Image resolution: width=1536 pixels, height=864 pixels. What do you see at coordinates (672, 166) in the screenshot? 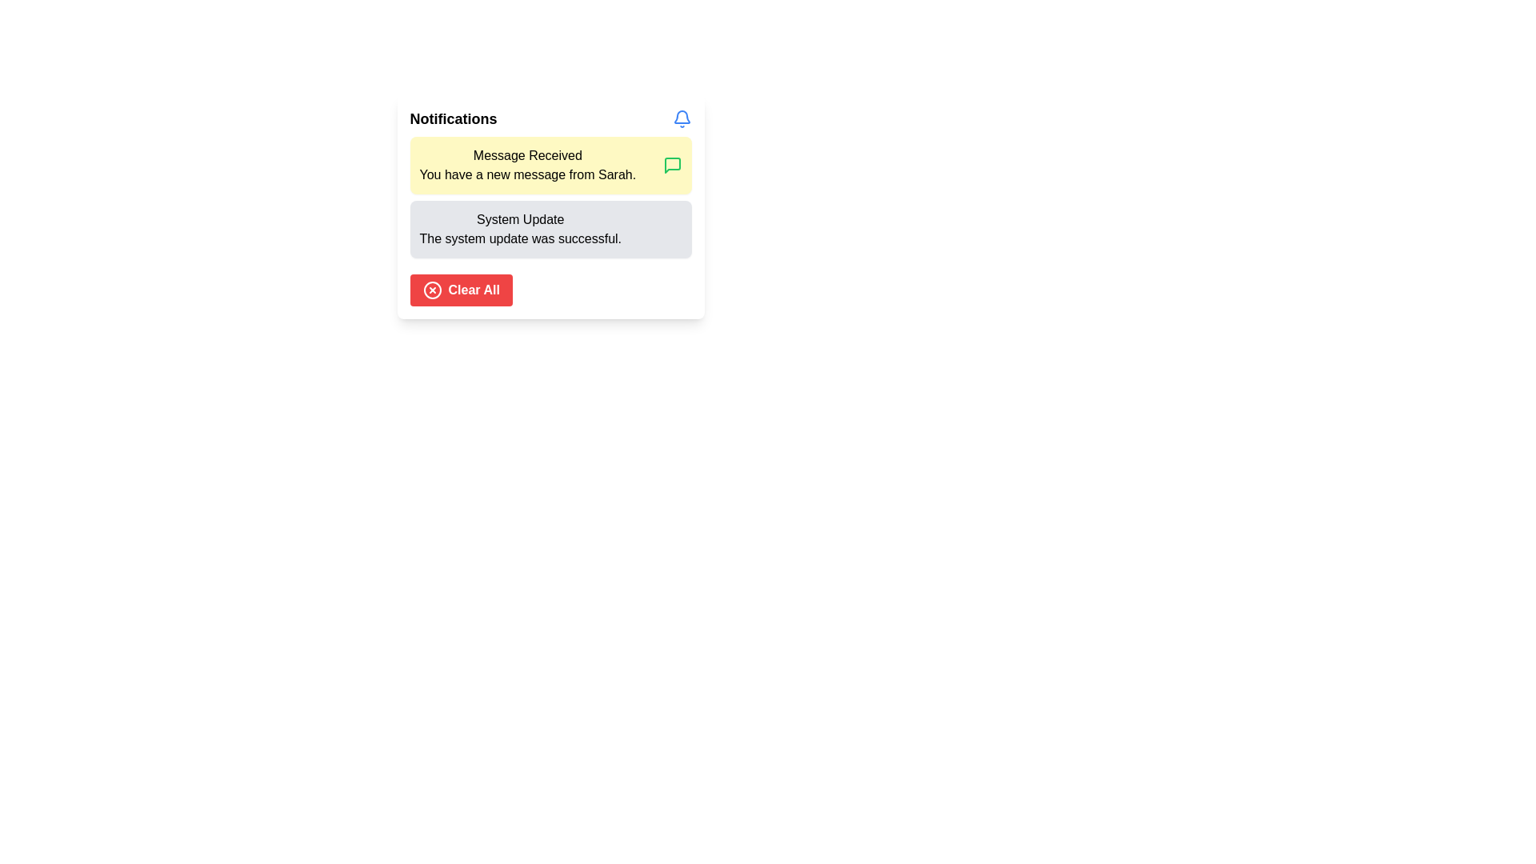
I see `the messaging icon located in the upper-right corner of the yellow-highlighted notification card that indicates 'Message Received' and aligns with the text ‘You have a new message from Sarah.’` at bounding box center [672, 166].